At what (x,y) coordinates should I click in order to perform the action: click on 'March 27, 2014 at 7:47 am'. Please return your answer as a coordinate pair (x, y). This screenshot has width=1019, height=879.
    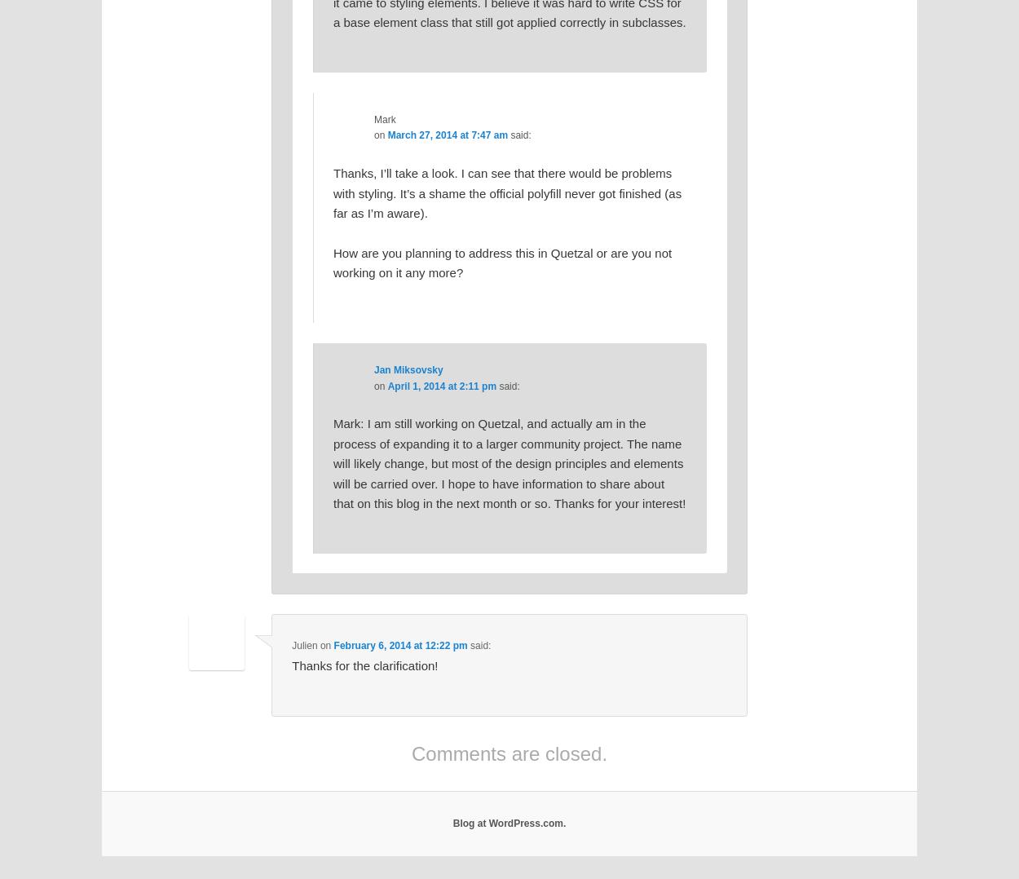
    Looking at the image, I should click on (448, 135).